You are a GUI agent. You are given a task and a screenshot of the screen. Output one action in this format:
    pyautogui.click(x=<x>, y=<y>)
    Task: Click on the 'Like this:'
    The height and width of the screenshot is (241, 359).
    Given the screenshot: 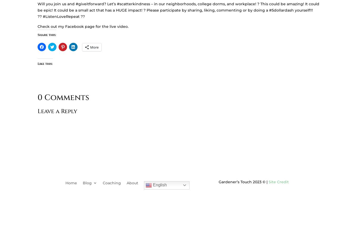 What is the action you would take?
    pyautogui.click(x=45, y=63)
    